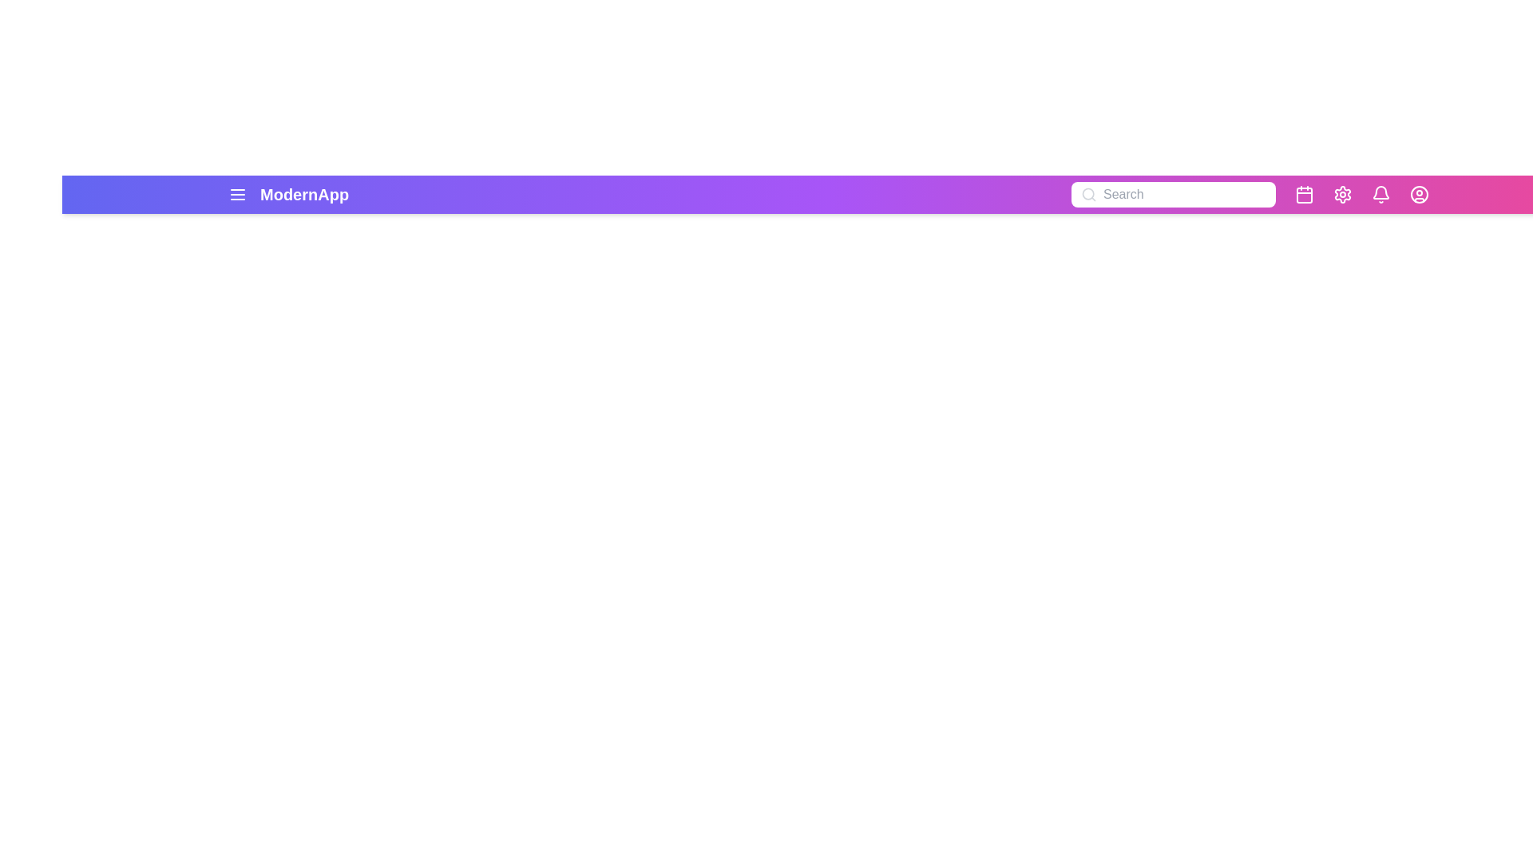  What do you see at coordinates (1341, 193) in the screenshot?
I see `the Settings icon located on the right side of the top navigation bar to explore settings-related features` at bounding box center [1341, 193].